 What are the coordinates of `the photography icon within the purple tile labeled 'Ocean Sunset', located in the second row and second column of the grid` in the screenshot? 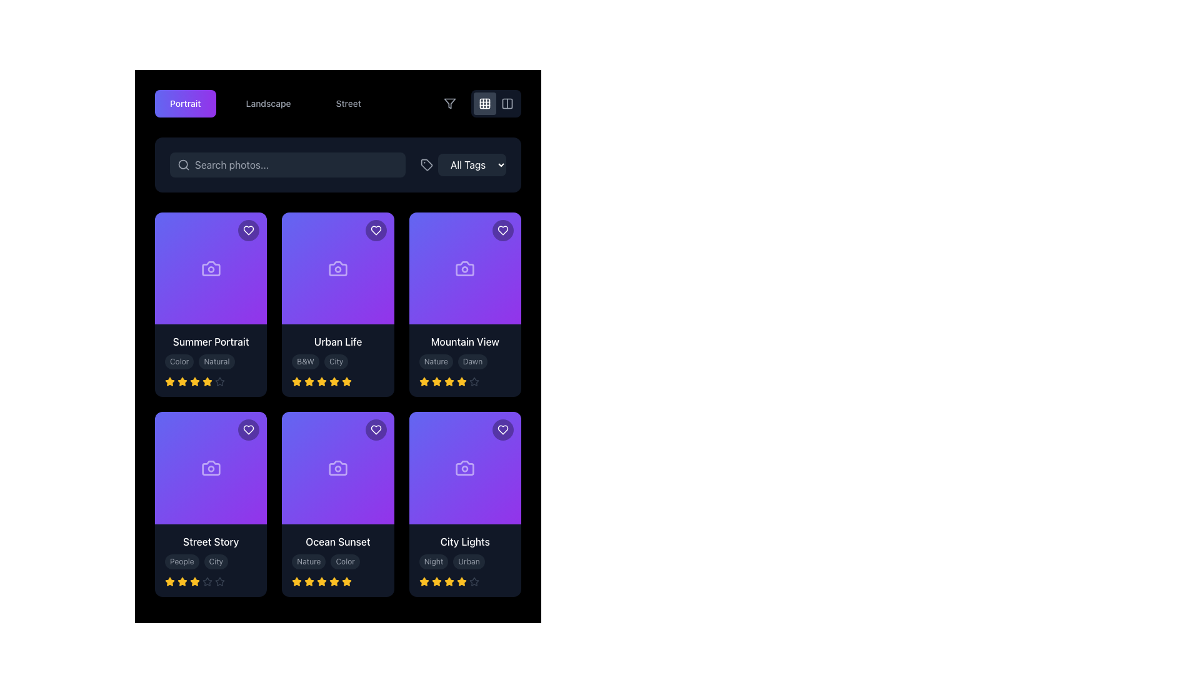 It's located at (338, 467).